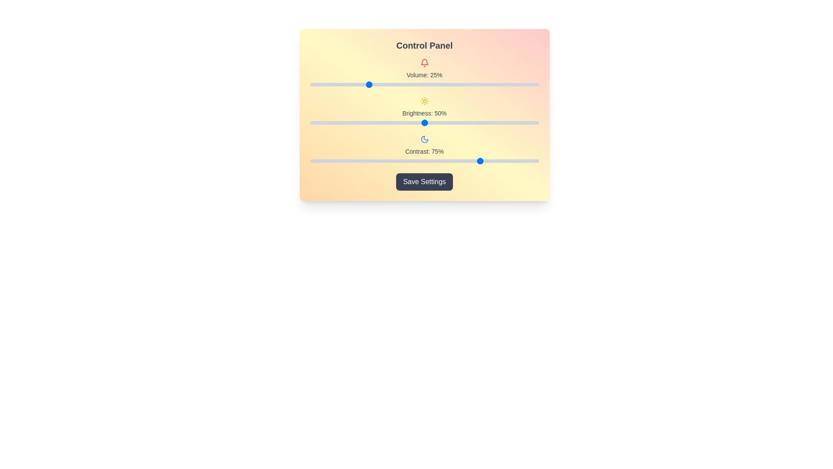  Describe the element at coordinates (374, 161) in the screenshot. I see `contrast level` at that location.